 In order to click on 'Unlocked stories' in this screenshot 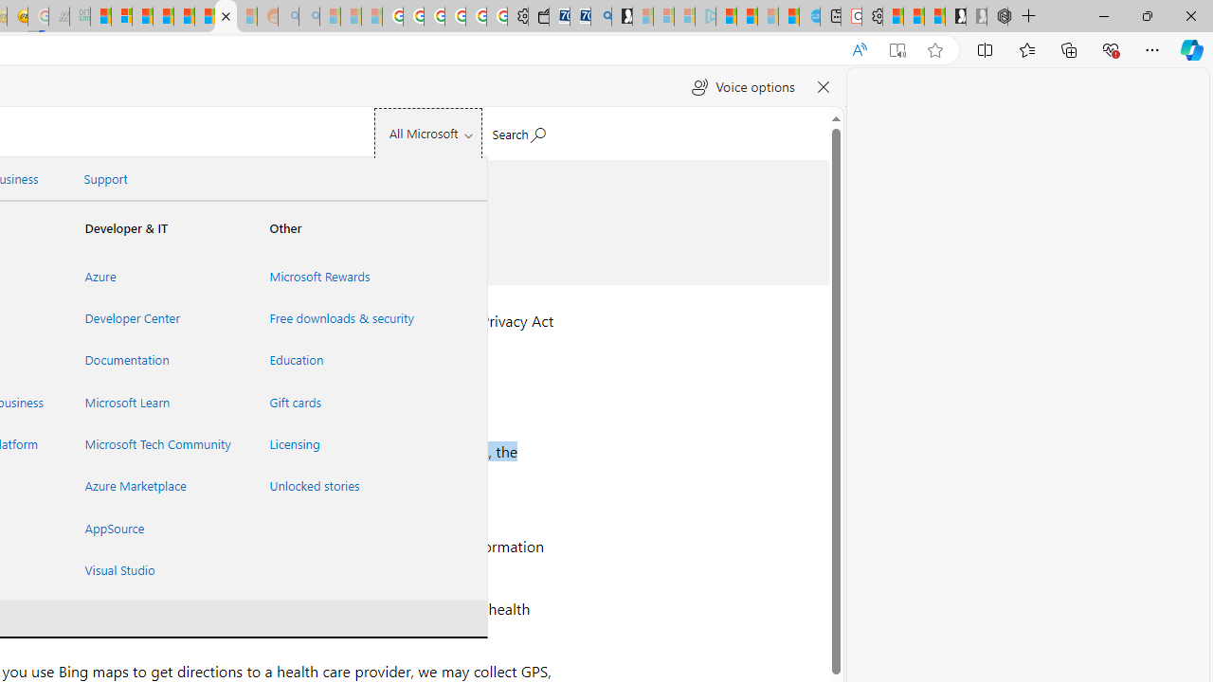, I will do `click(338, 485)`.